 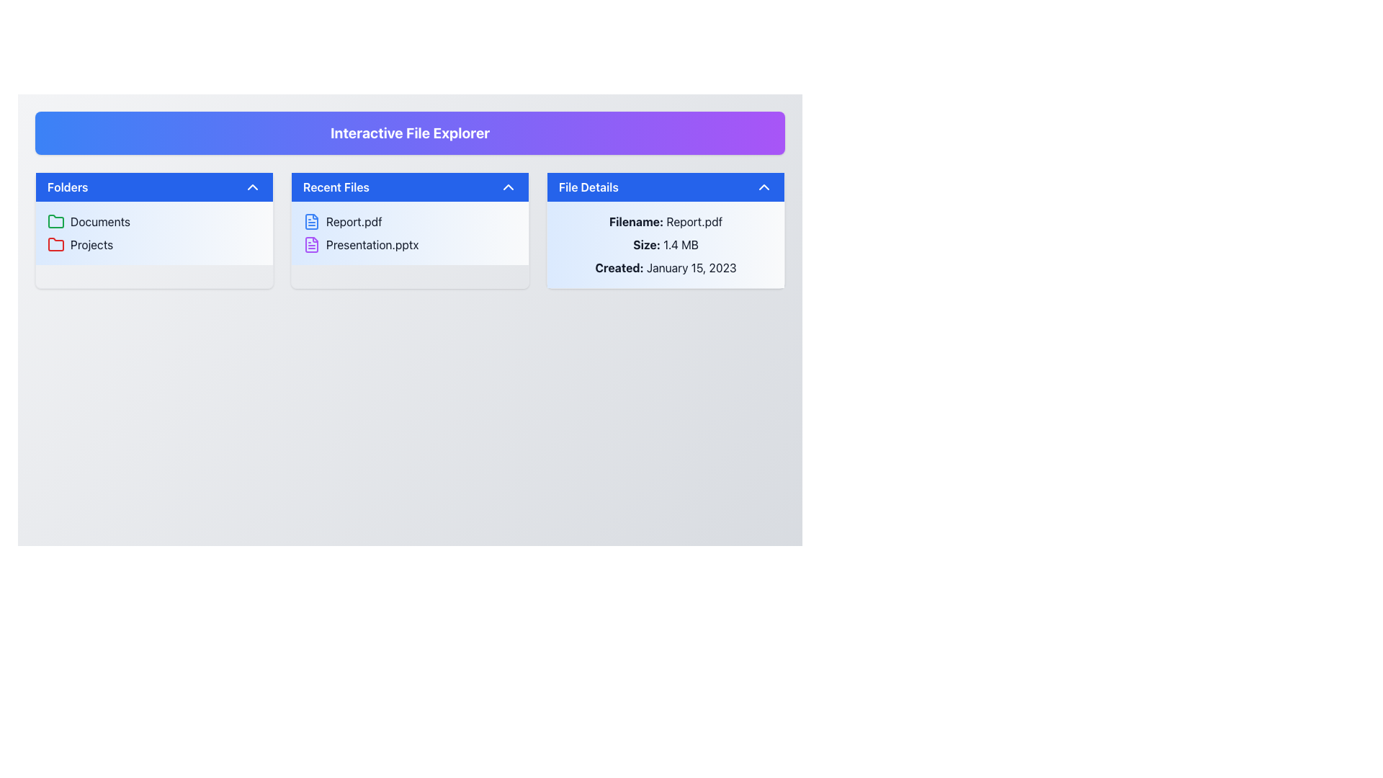 What do you see at coordinates (665, 243) in the screenshot?
I see `the text label displaying 'Size: 1.4 MB' in the 'File Details' panel, located between the filename and creation date` at bounding box center [665, 243].